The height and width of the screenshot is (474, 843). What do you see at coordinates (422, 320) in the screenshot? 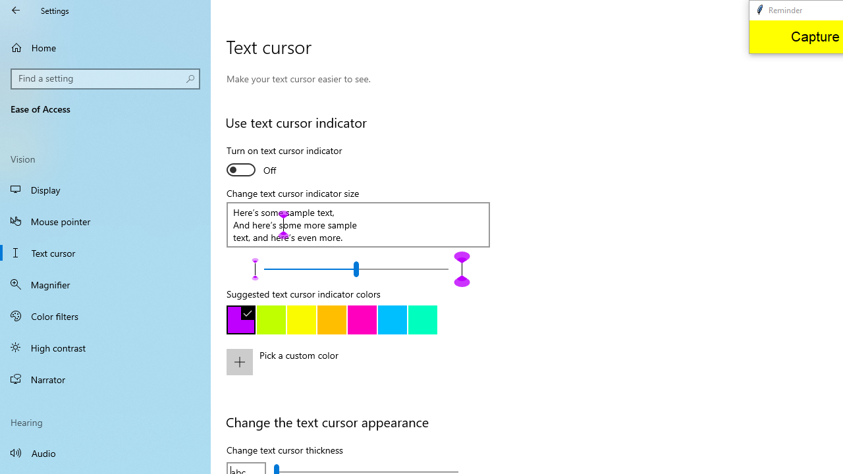
I see `'Green'` at bounding box center [422, 320].